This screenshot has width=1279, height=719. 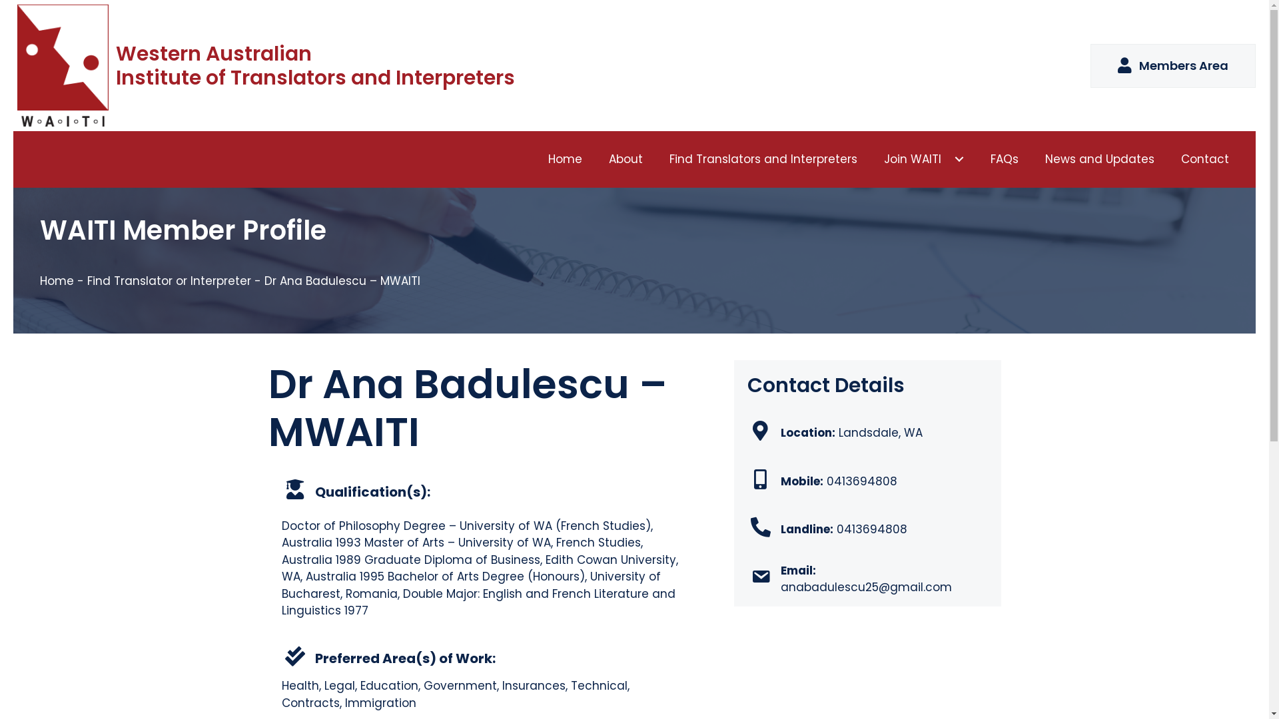 What do you see at coordinates (1205, 158) in the screenshot?
I see `'Contact'` at bounding box center [1205, 158].